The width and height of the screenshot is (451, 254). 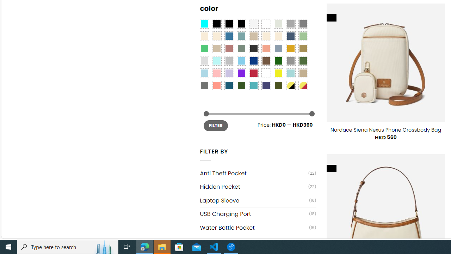 I want to click on 'Gray', so click(x=290, y=60).